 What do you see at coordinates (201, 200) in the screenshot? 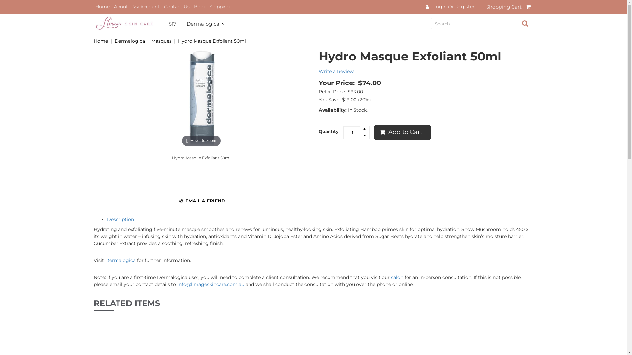
I see `'EMAIL A FRIEND'` at bounding box center [201, 200].